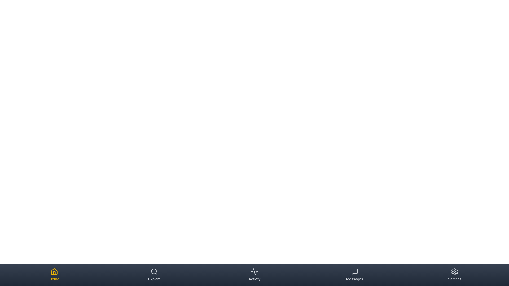 The width and height of the screenshot is (509, 286). Describe the element at coordinates (154, 274) in the screenshot. I see `the tab corresponding to Explore` at that location.